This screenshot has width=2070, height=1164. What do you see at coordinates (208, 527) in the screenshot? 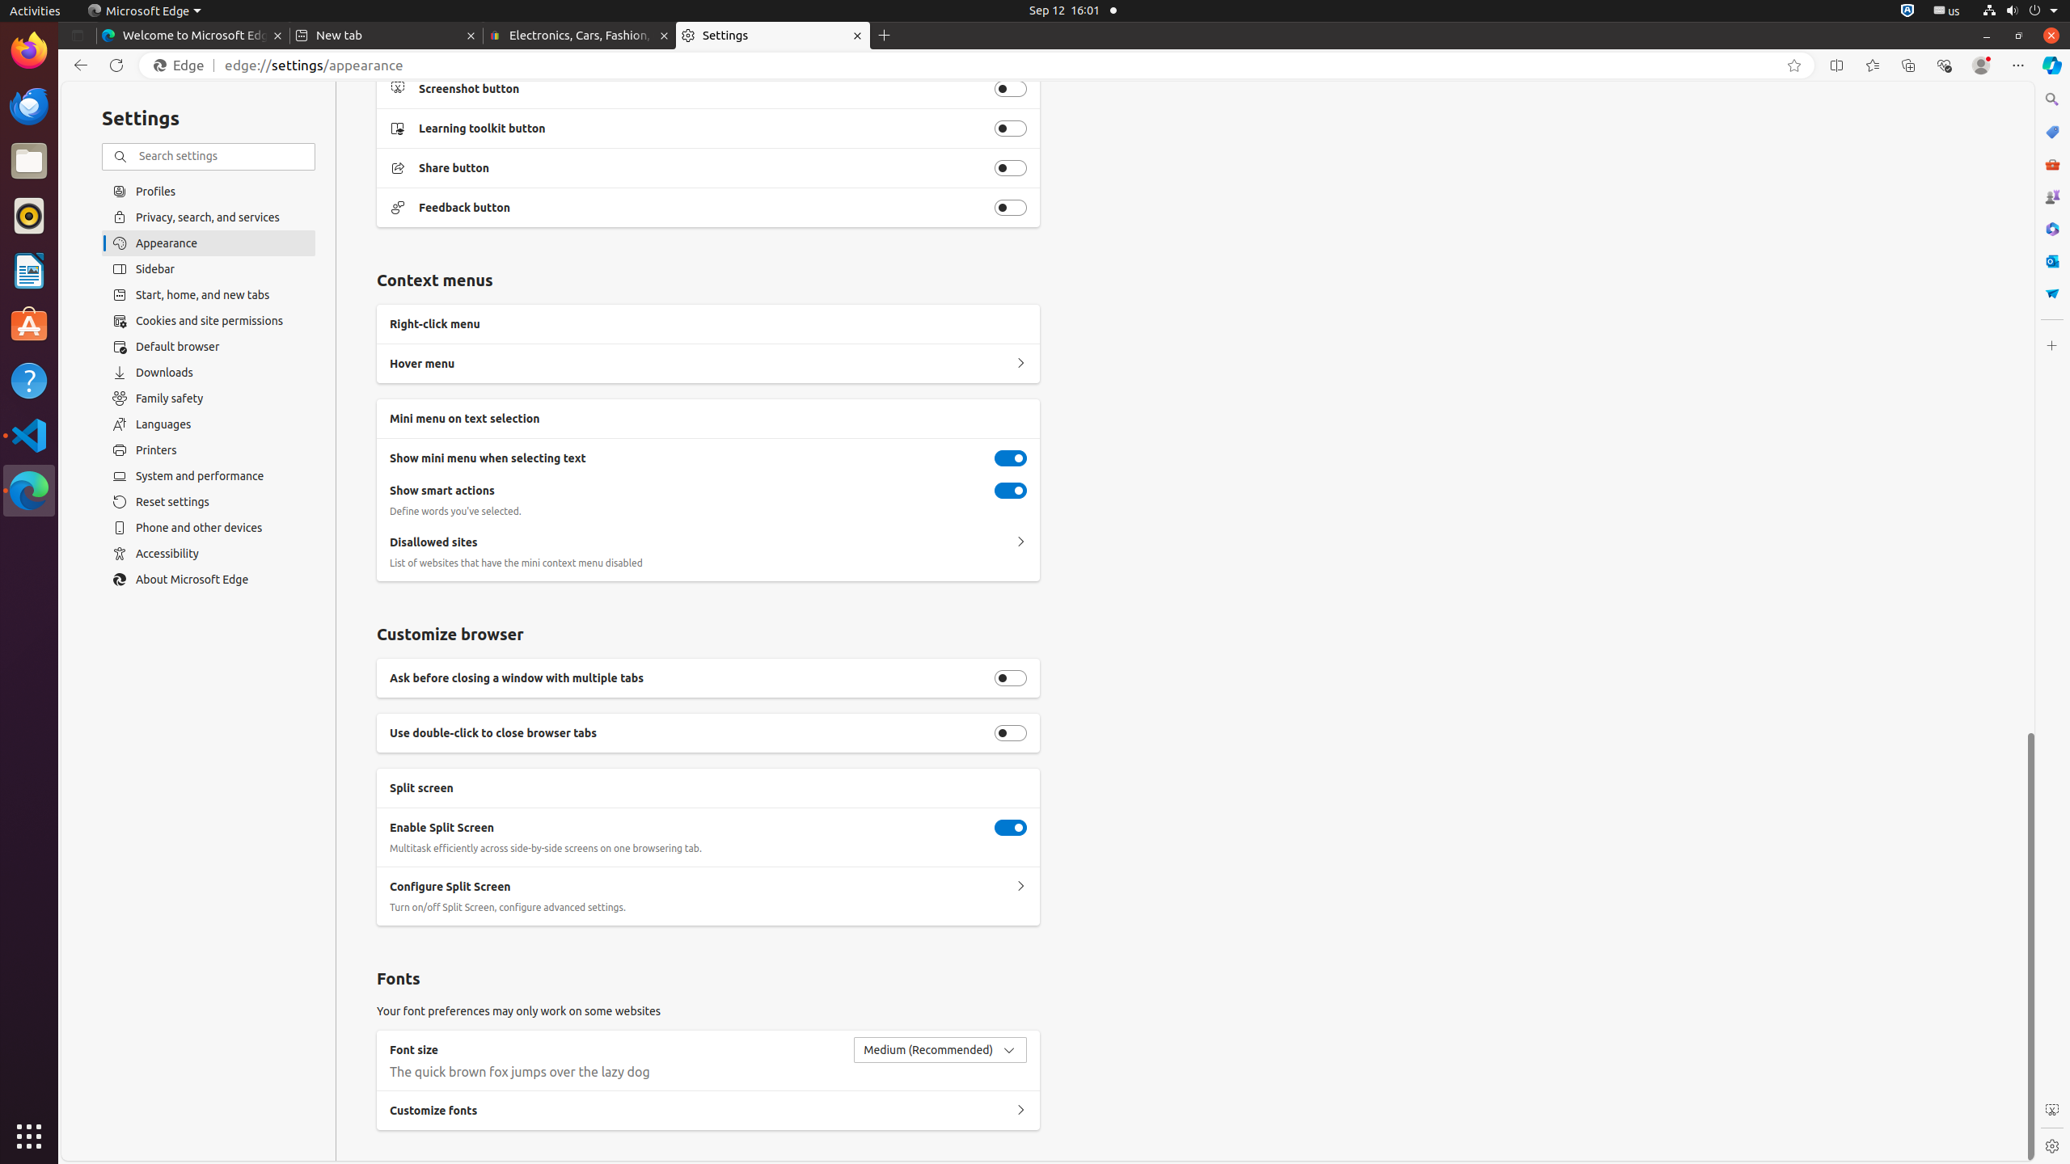
I see `'Phone and other devices'` at bounding box center [208, 527].